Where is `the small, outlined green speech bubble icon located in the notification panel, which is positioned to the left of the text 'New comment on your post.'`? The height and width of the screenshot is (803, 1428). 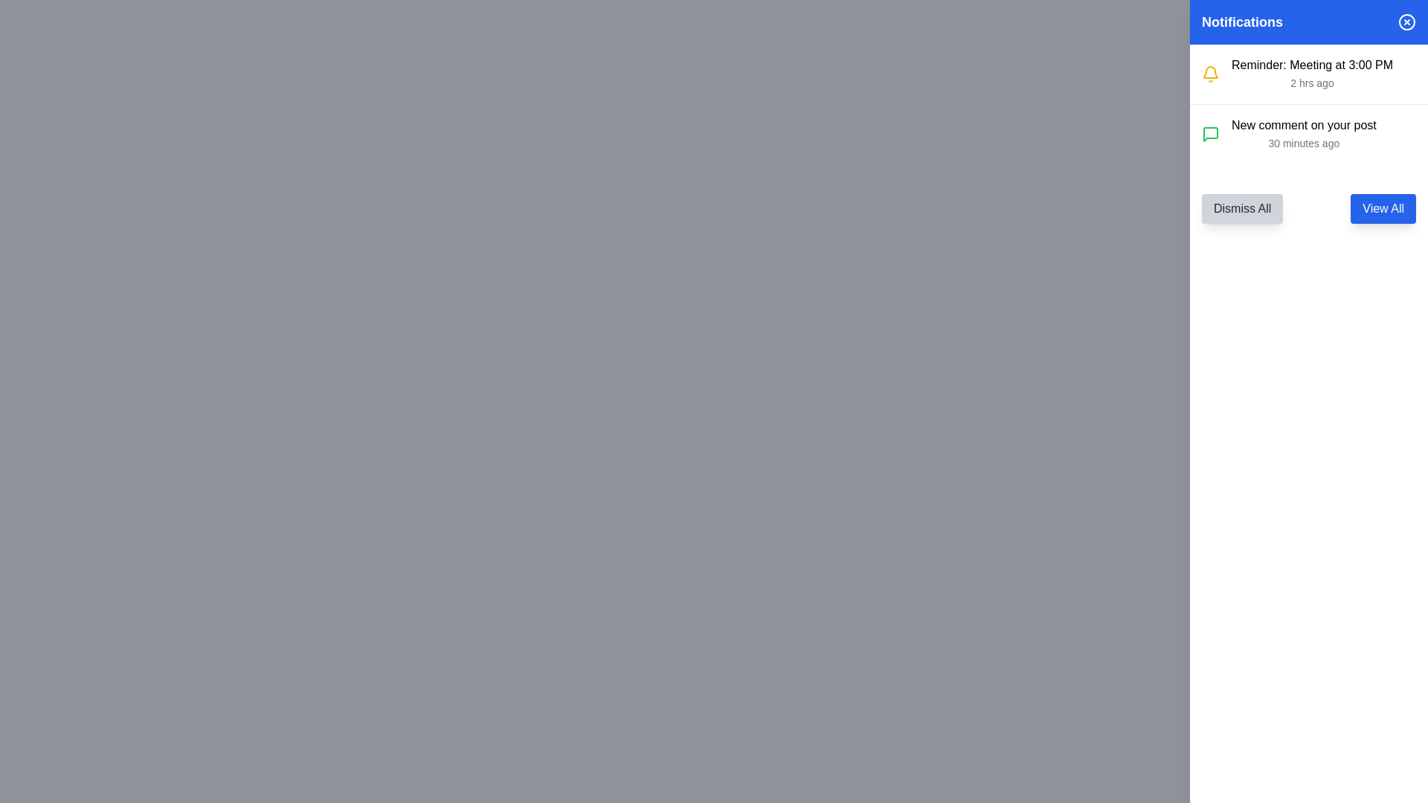
the small, outlined green speech bubble icon located in the notification panel, which is positioned to the left of the text 'New comment on your post.' is located at coordinates (1210, 135).